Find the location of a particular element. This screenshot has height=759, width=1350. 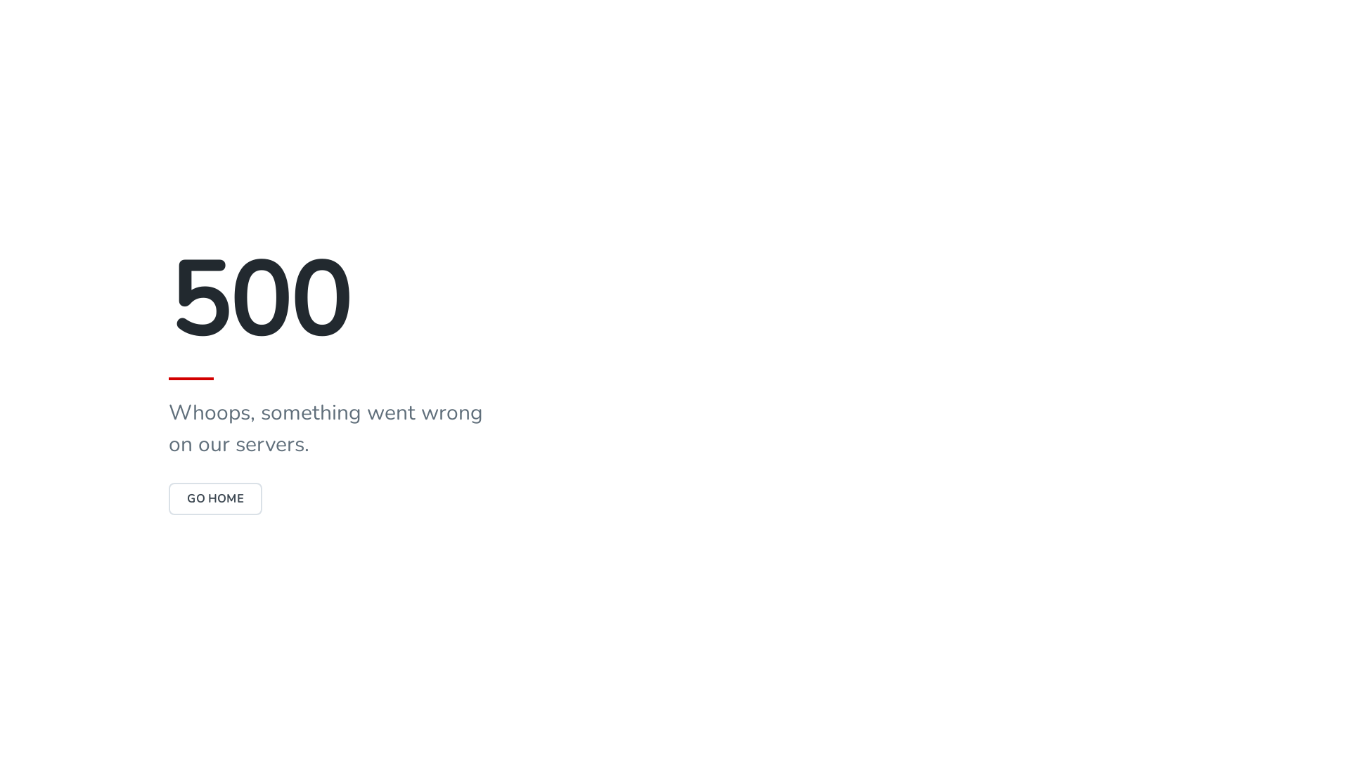

'GO HOME' is located at coordinates (169, 498).